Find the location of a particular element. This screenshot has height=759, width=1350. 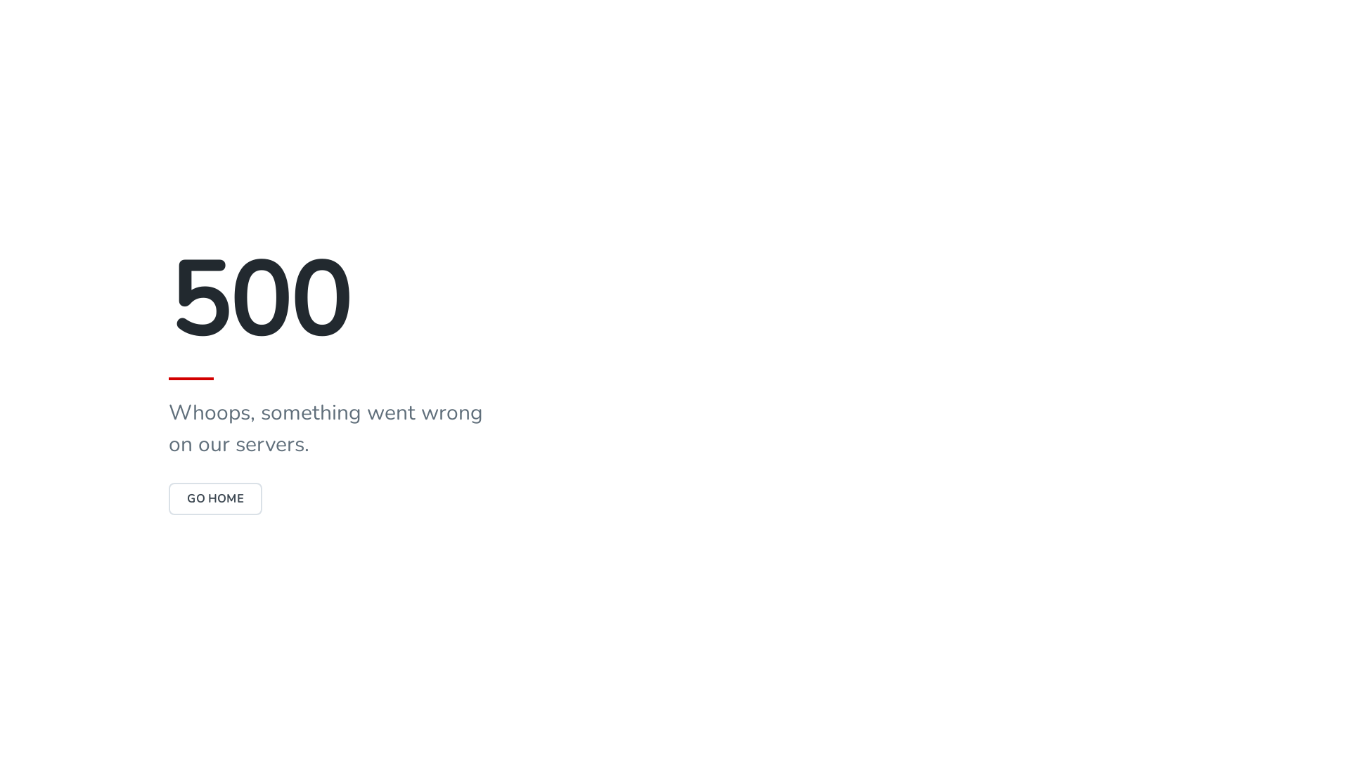

'GO HOME' is located at coordinates (169, 498).